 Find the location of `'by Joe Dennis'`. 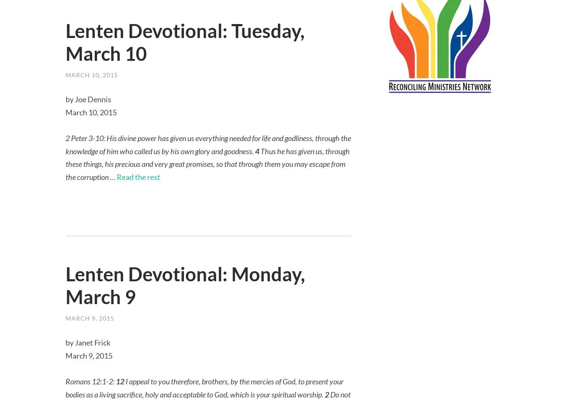

'by Joe Dennis' is located at coordinates (88, 99).